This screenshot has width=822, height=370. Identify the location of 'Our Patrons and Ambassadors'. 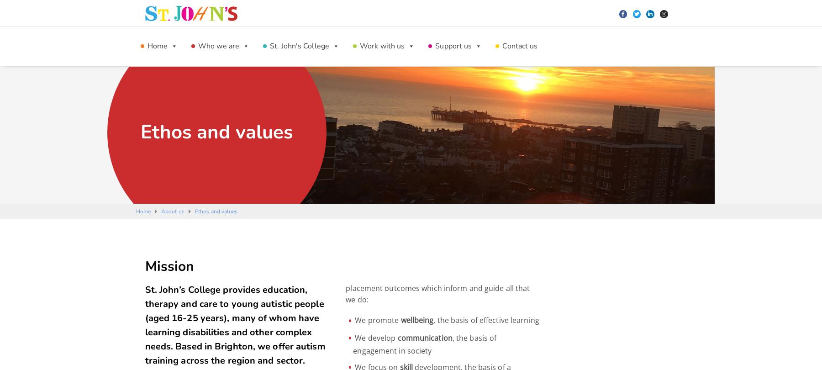
(290, 117).